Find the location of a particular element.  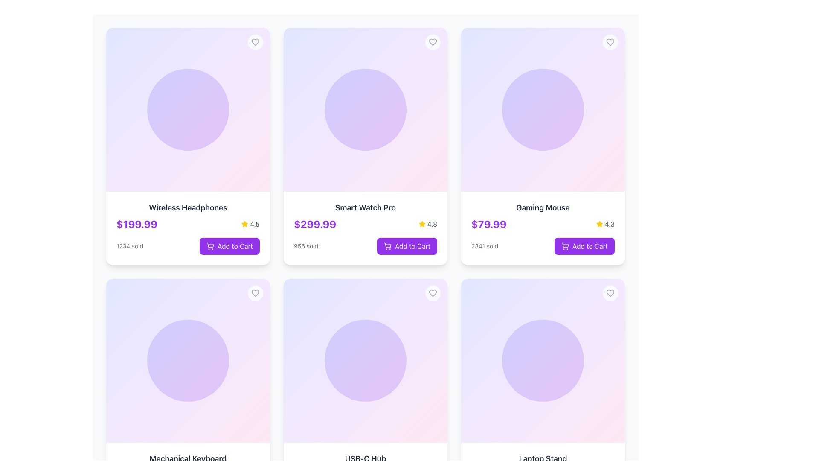

text label that indicates the popularity or sales volume of the 'Smart Watch Pro' product, located at the bottom left of the card, near the price and rating is located at coordinates (306, 246).